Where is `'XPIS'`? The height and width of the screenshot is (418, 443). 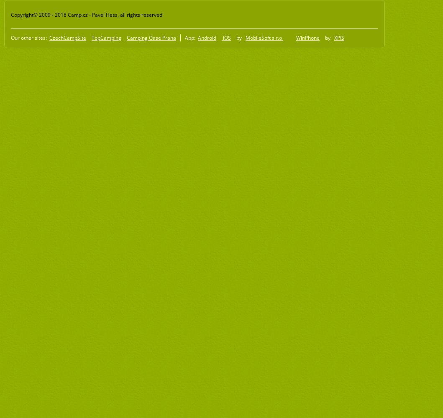 'XPIS' is located at coordinates (338, 37).